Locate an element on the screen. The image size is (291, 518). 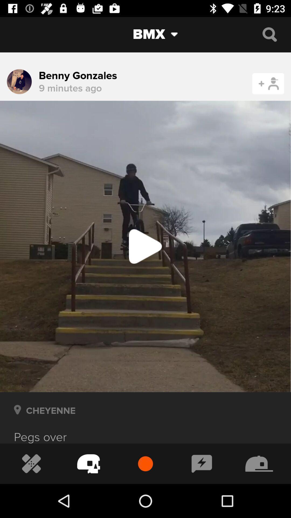
the second  icon which is at the bottom is located at coordinates (88, 464).